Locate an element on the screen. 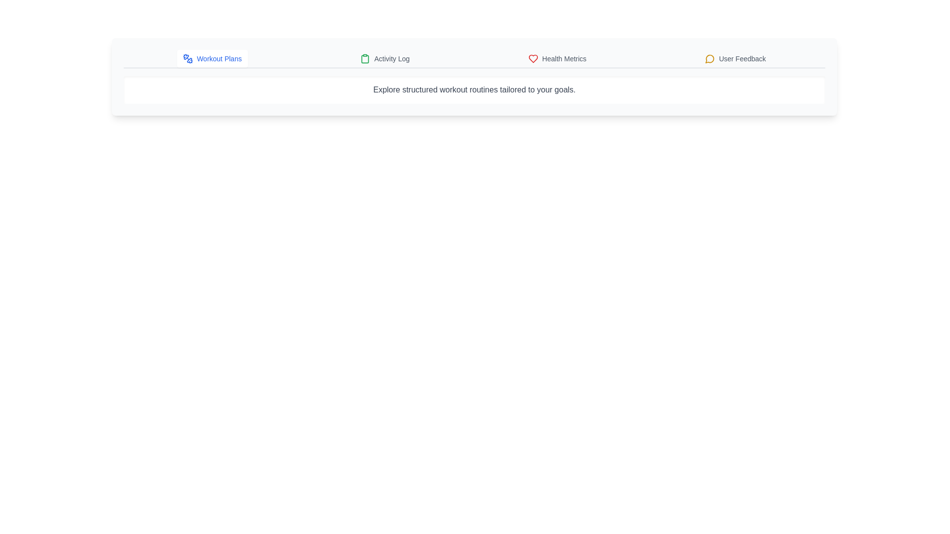 This screenshot has height=534, width=950. the decorative icon for the 'Workout Plans' section, which is located to the left of the 'Workout Plans' label in the top-left navigation bar is located at coordinates (190, 60).